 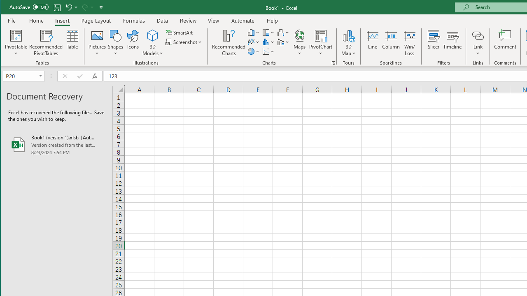 What do you see at coordinates (134, 20) in the screenshot?
I see `'Formulas'` at bounding box center [134, 20].